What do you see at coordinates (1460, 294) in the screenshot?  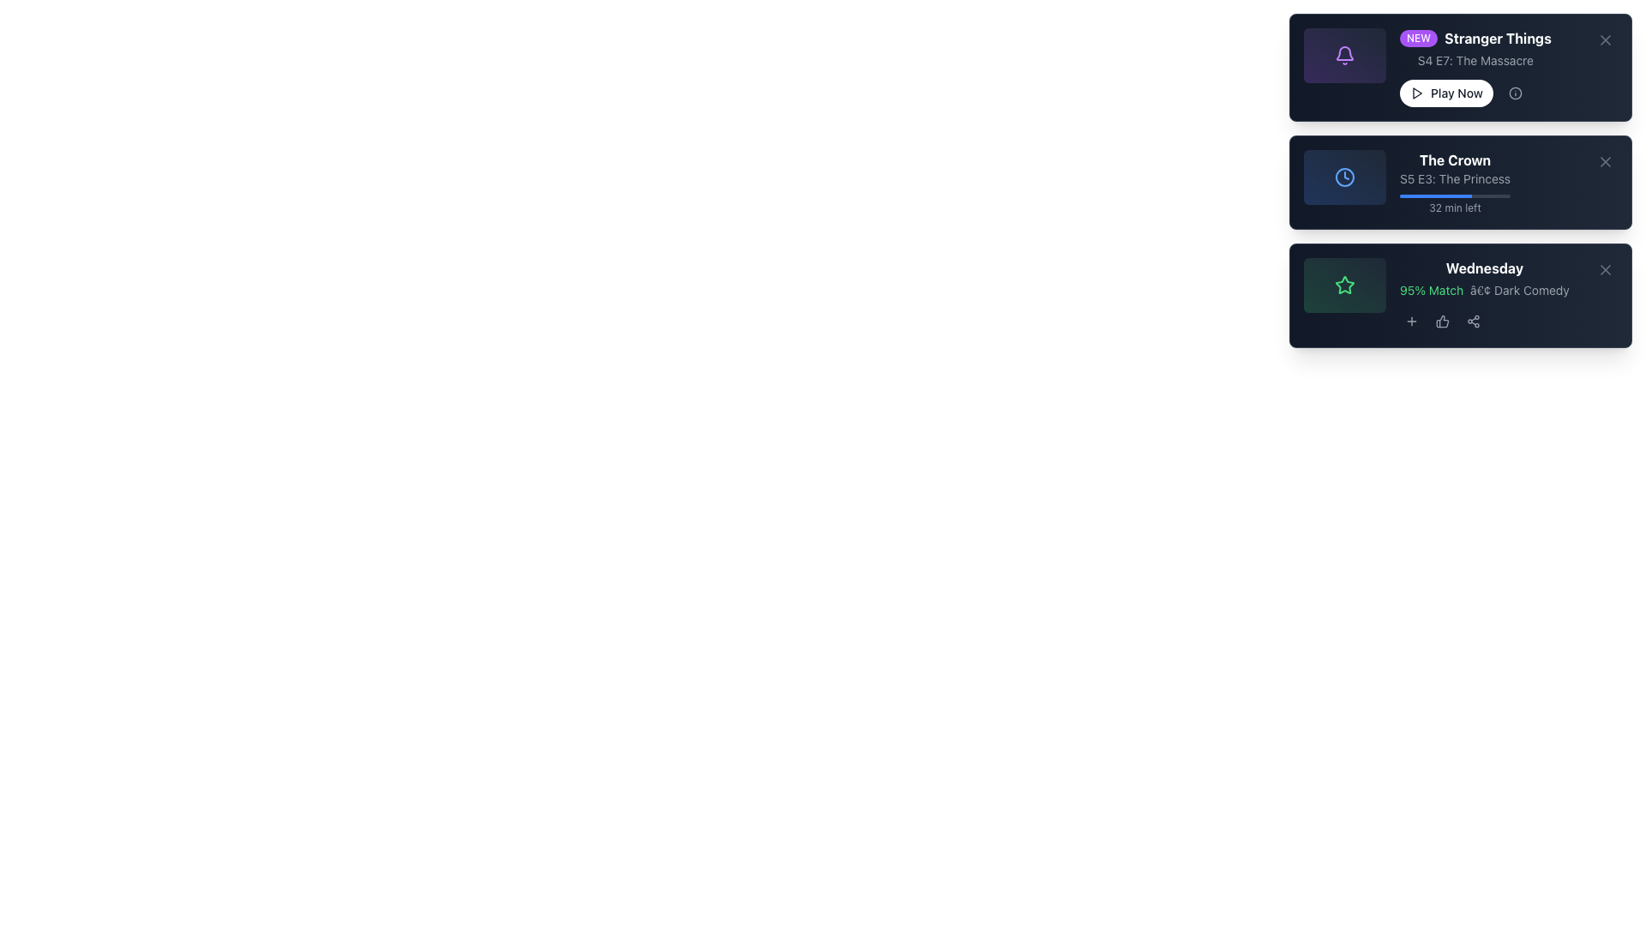 I see `the genre or match percentage text of the Card titled 'Wednesday', which is the last card in the vertical stack of similar cards` at bounding box center [1460, 294].